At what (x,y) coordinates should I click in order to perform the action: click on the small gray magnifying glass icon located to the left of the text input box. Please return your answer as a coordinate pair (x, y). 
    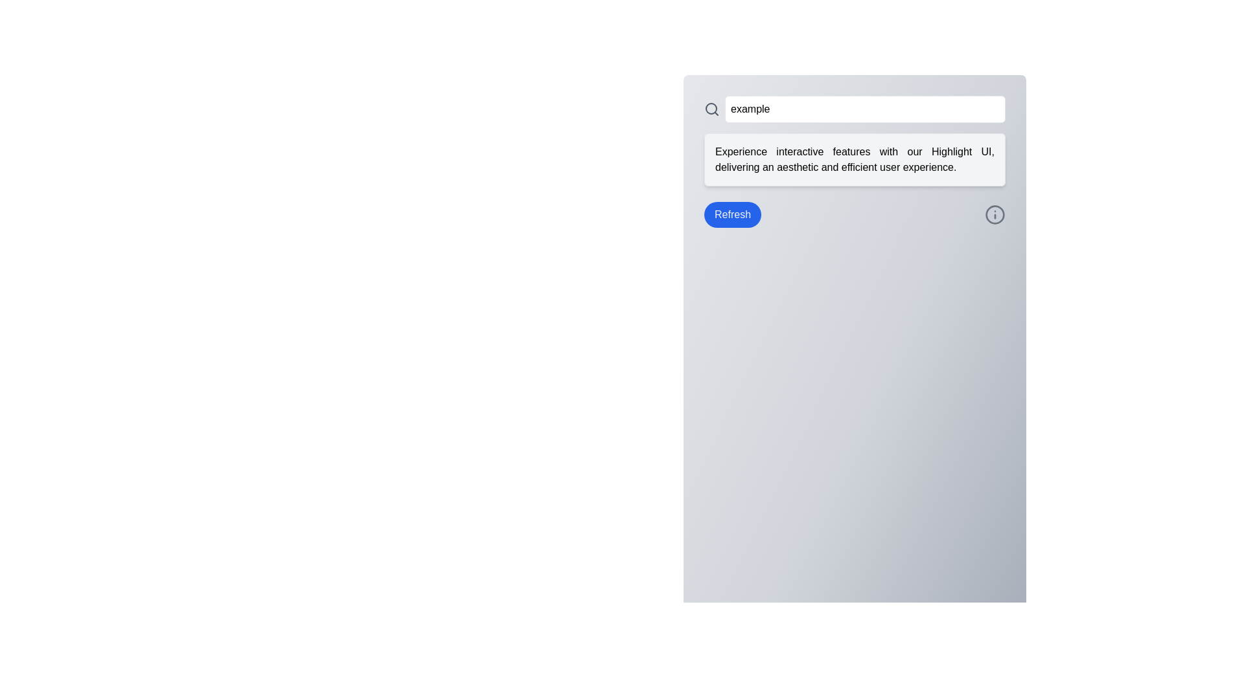
    Looking at the image, I should click on (711, 109).